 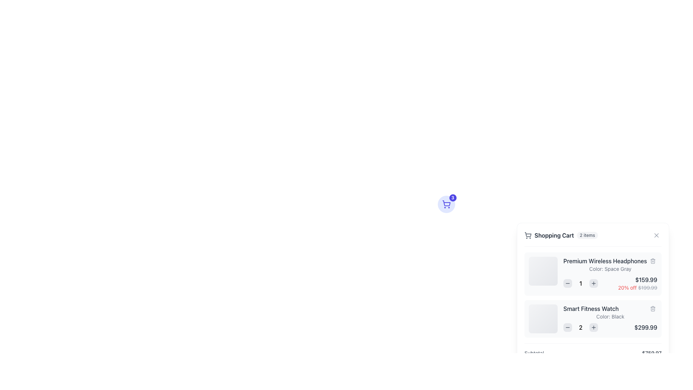 I want to click on the static text element displaying the numeral '2' that is centrally located between the minus and plus icons in the cart item section for 'Smart Fitness Watch', so click(x=580, y=327).